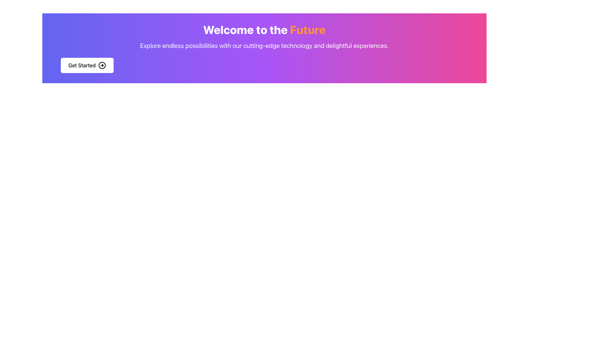 The height and width of the screenshot is (343, 611). I want to click on forward arrow icon located to the right of the 'Get Started' button for accessibility features, so click(102, 65).